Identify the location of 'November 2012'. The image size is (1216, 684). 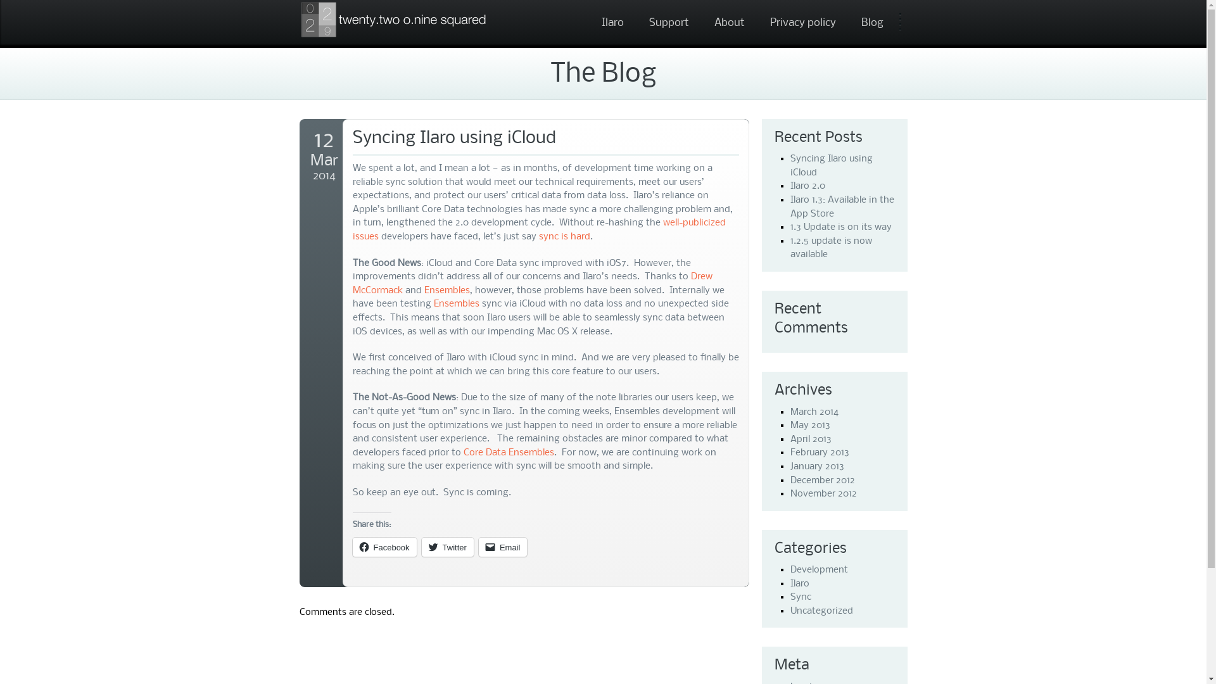
(823, 493).